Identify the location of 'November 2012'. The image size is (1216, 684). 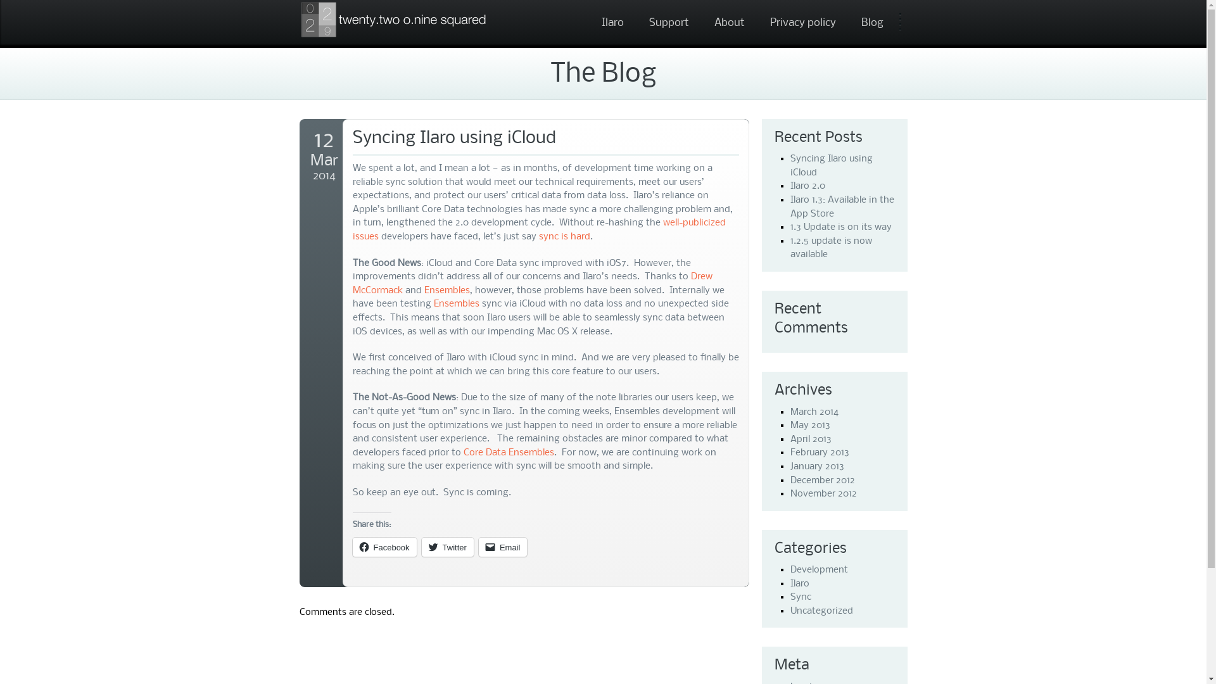
(823, 493).